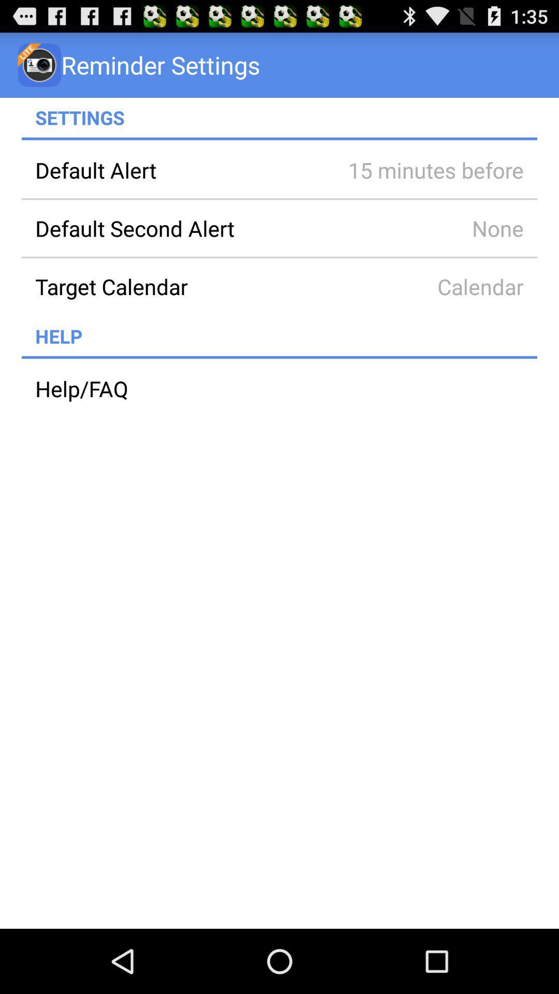 This screenshot has width=559, height=994. Describe the element at coordinates (177, 286) in the screenshot. I see `the item above the help item` at that location.